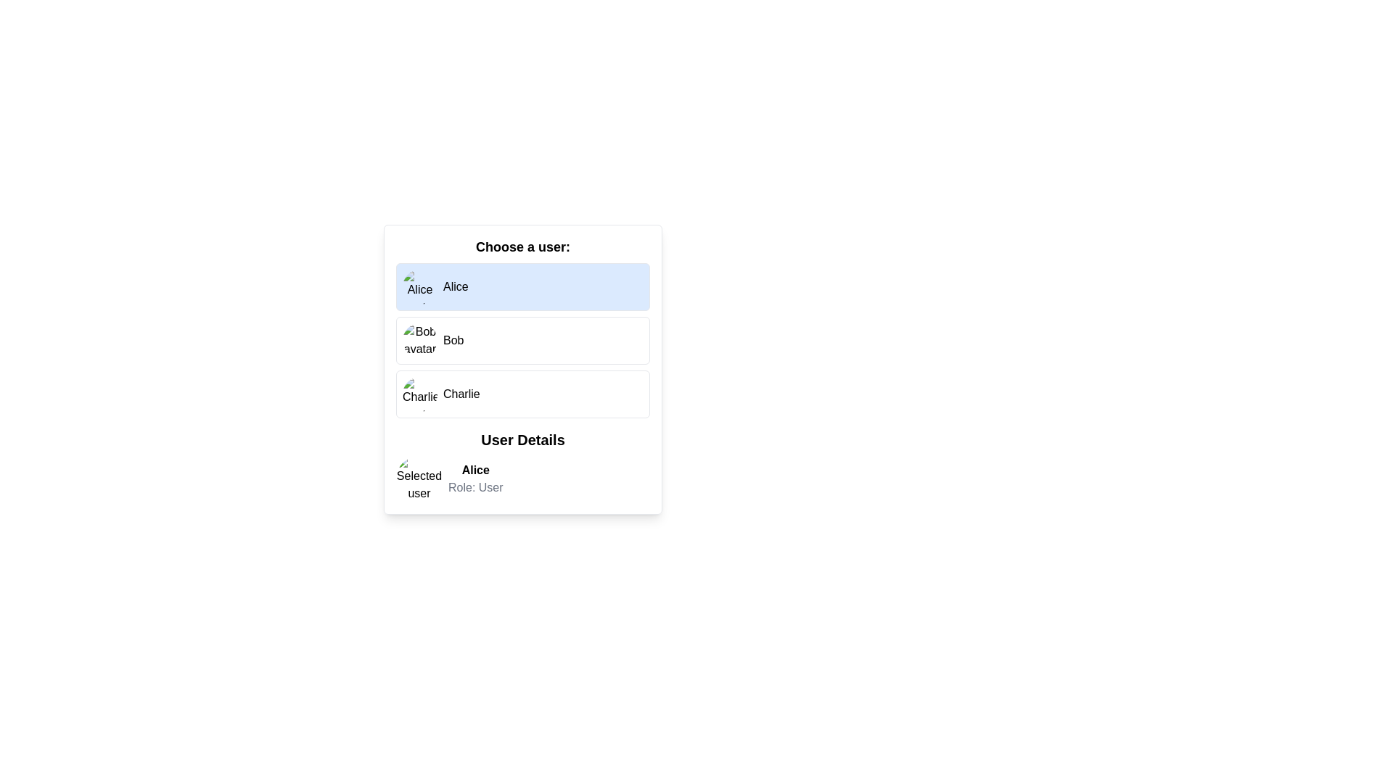 This screenshot has width=1393, height=783. Describe the element at coordinates (475, 487) in the screenshot. I see `the text label that describes the user's role, located directly beneath the 'Alice' text in the 'User Details' section` at that location.